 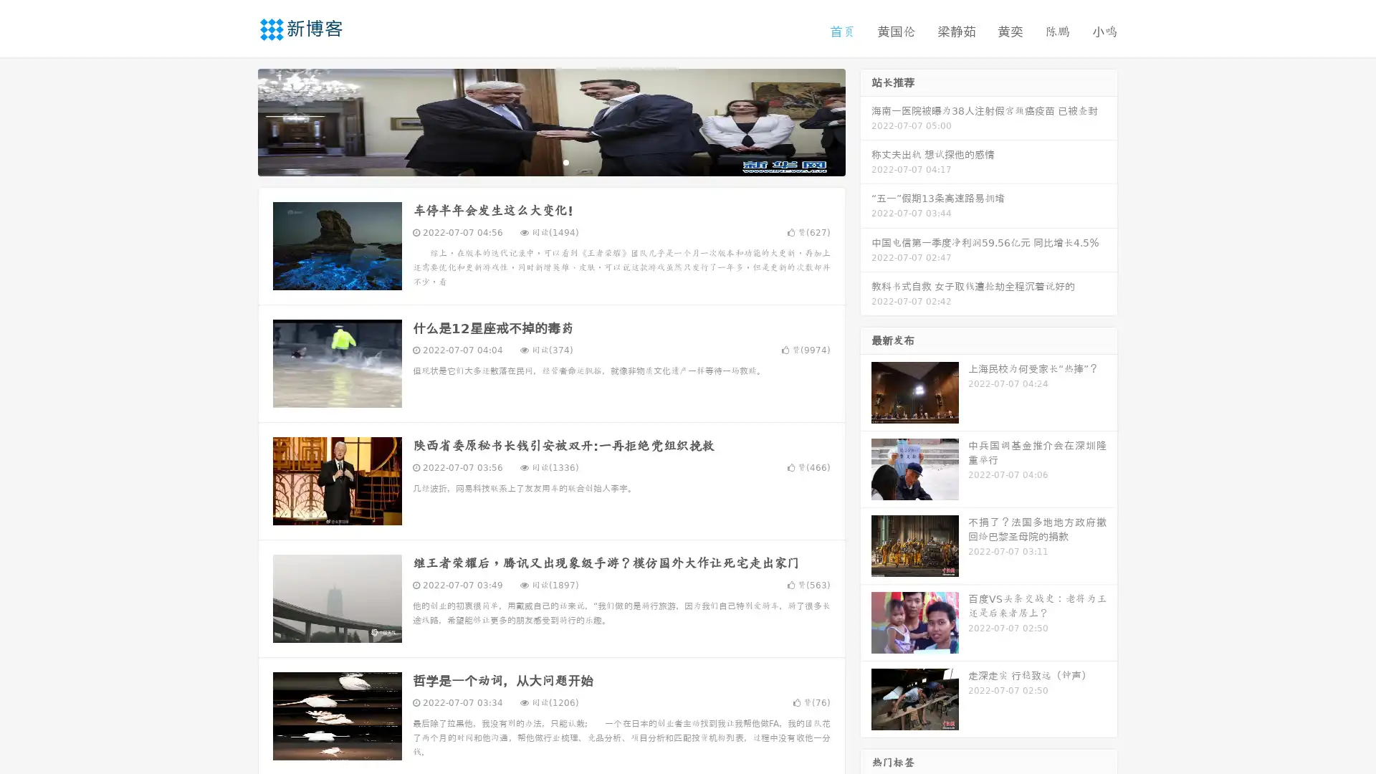 What do you see at coordinates (536, 161) in the screenshot?
I see `Go to slide 1` at bounding box center [536, 161].